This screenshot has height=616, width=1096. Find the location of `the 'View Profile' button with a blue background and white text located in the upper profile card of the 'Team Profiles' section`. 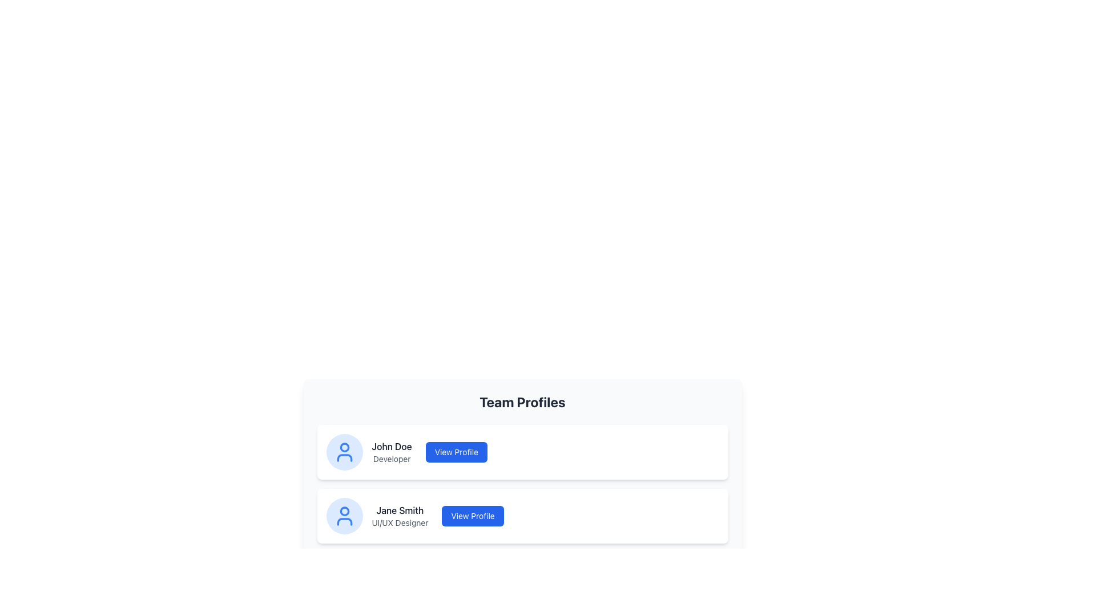

the 'View Profile' button with a blue background and white text located in the upper profile card of the 'Team Profiles' section is located at coordinates (456, 452).